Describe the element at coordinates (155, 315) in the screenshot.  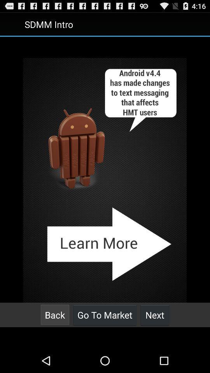
I see `next` at that location.